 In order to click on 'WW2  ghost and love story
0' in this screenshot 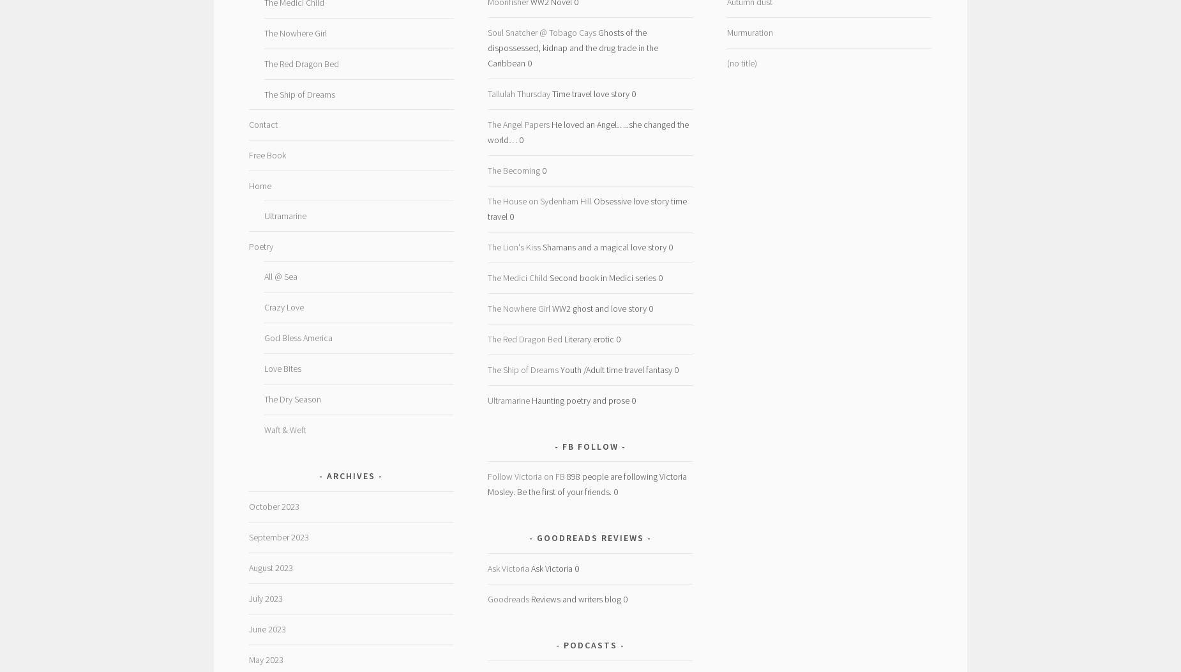, I will do `click(601, 308)`.